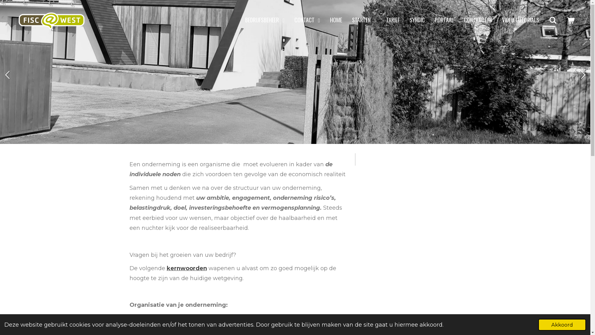 This screenshot has width=595, height=335. What do you see at coordinates (348, 20) in the screenshot?
I see `'STARTEN'` at bounding box center [348, 20].